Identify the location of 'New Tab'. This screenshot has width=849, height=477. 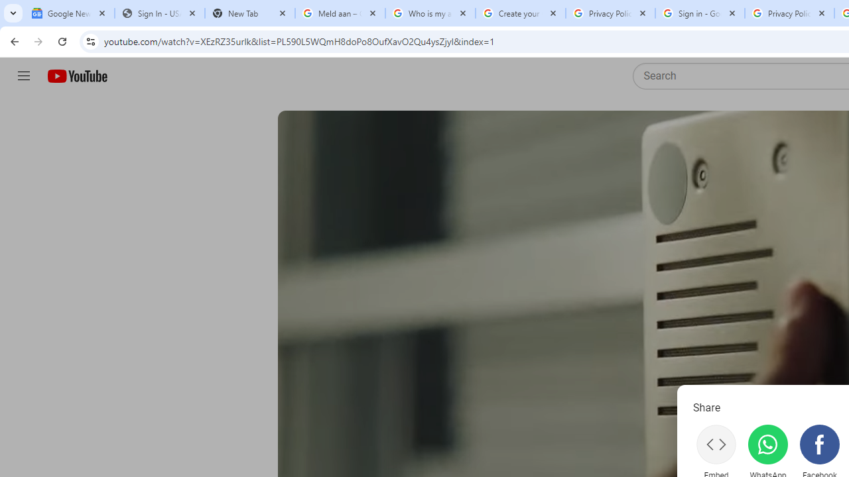
(249, 13).